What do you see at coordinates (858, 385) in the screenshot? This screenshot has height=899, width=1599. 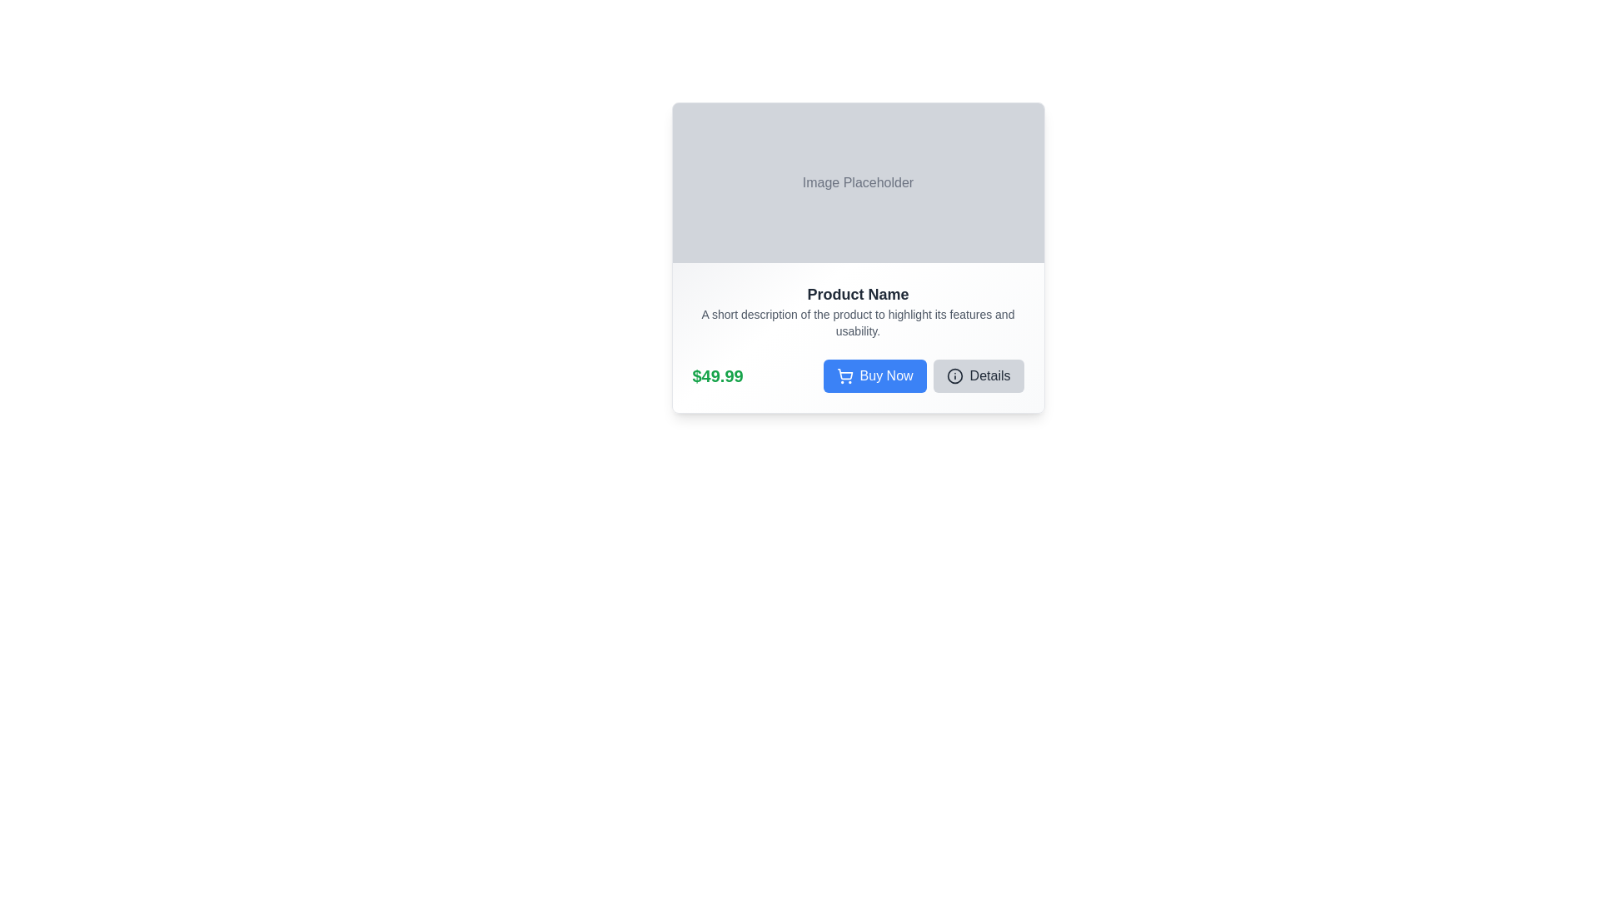 I see `the 'Buy Now' button in the lower part of the card interface to proceed to purchase` at bounding box center [858, 385].